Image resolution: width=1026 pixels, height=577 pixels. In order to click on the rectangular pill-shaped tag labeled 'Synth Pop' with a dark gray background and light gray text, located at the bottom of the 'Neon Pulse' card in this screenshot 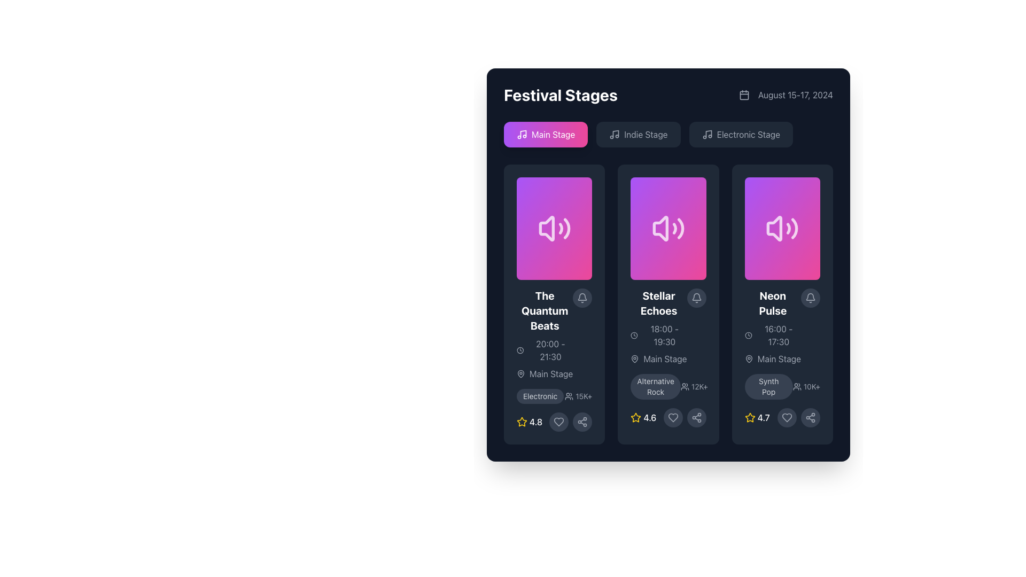, I will do `click(768, 387)`.